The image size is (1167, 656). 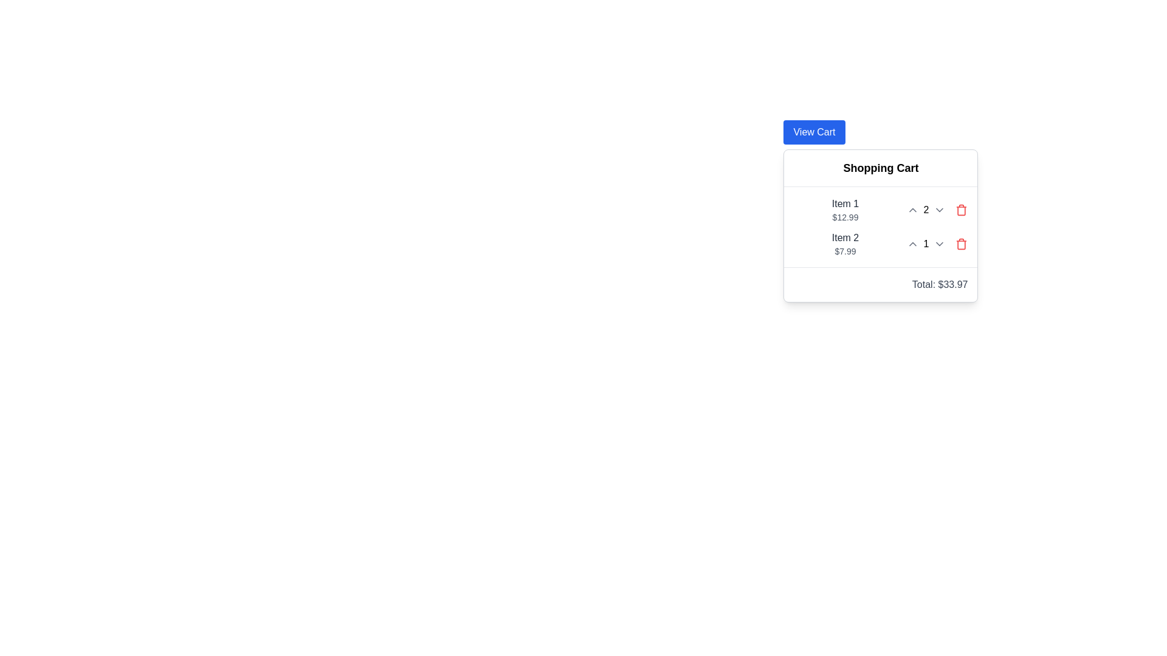 What do you see at coordinates (845, 210) in the screenshot?
I see `the Text label displaying the name and price of the first item in the shopping cart interface` at bounding box center [845, 210].